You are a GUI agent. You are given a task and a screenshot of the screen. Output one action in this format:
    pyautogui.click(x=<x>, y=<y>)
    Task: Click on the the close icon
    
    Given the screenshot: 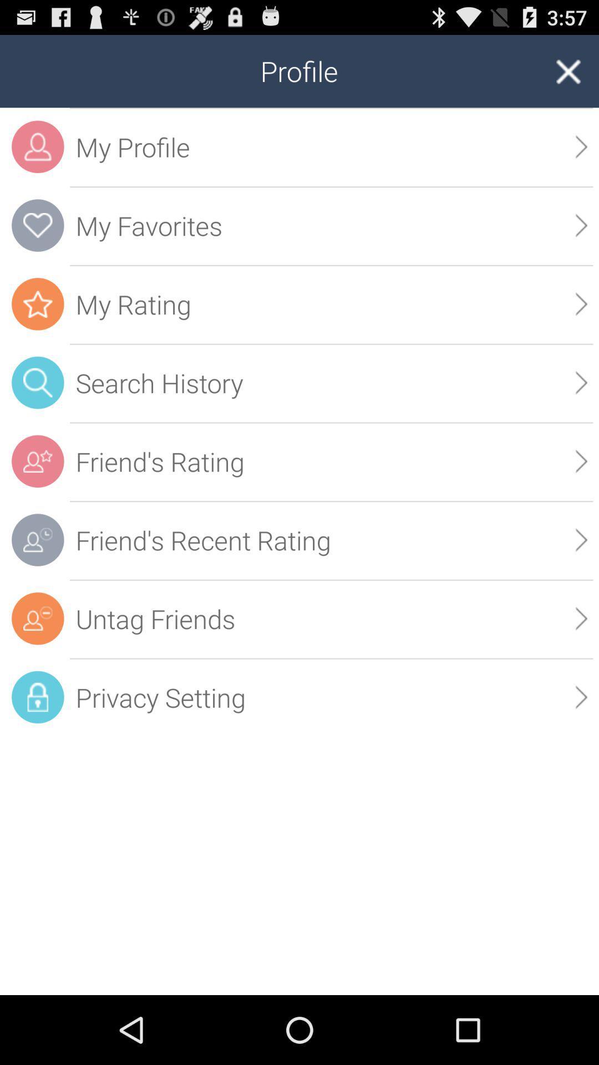 What is the action you would take?
    pyautogui.click(x=568, y=75)
    